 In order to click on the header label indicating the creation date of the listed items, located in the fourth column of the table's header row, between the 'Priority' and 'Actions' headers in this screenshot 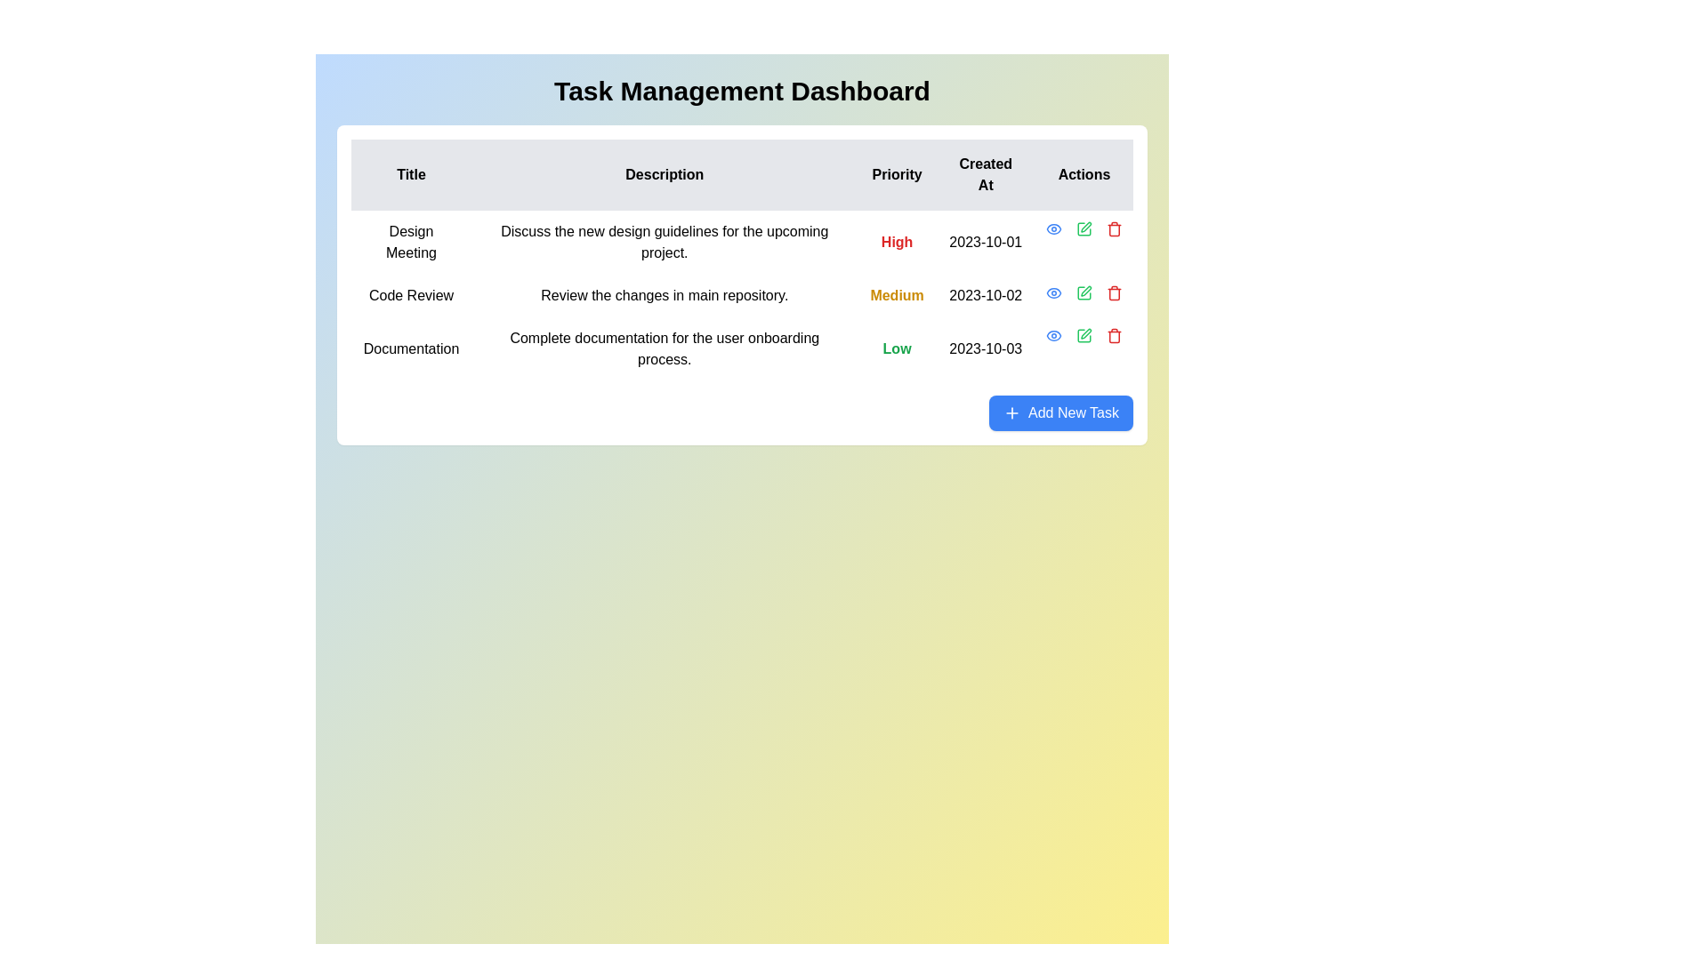, I will do `click(985, 174)`.